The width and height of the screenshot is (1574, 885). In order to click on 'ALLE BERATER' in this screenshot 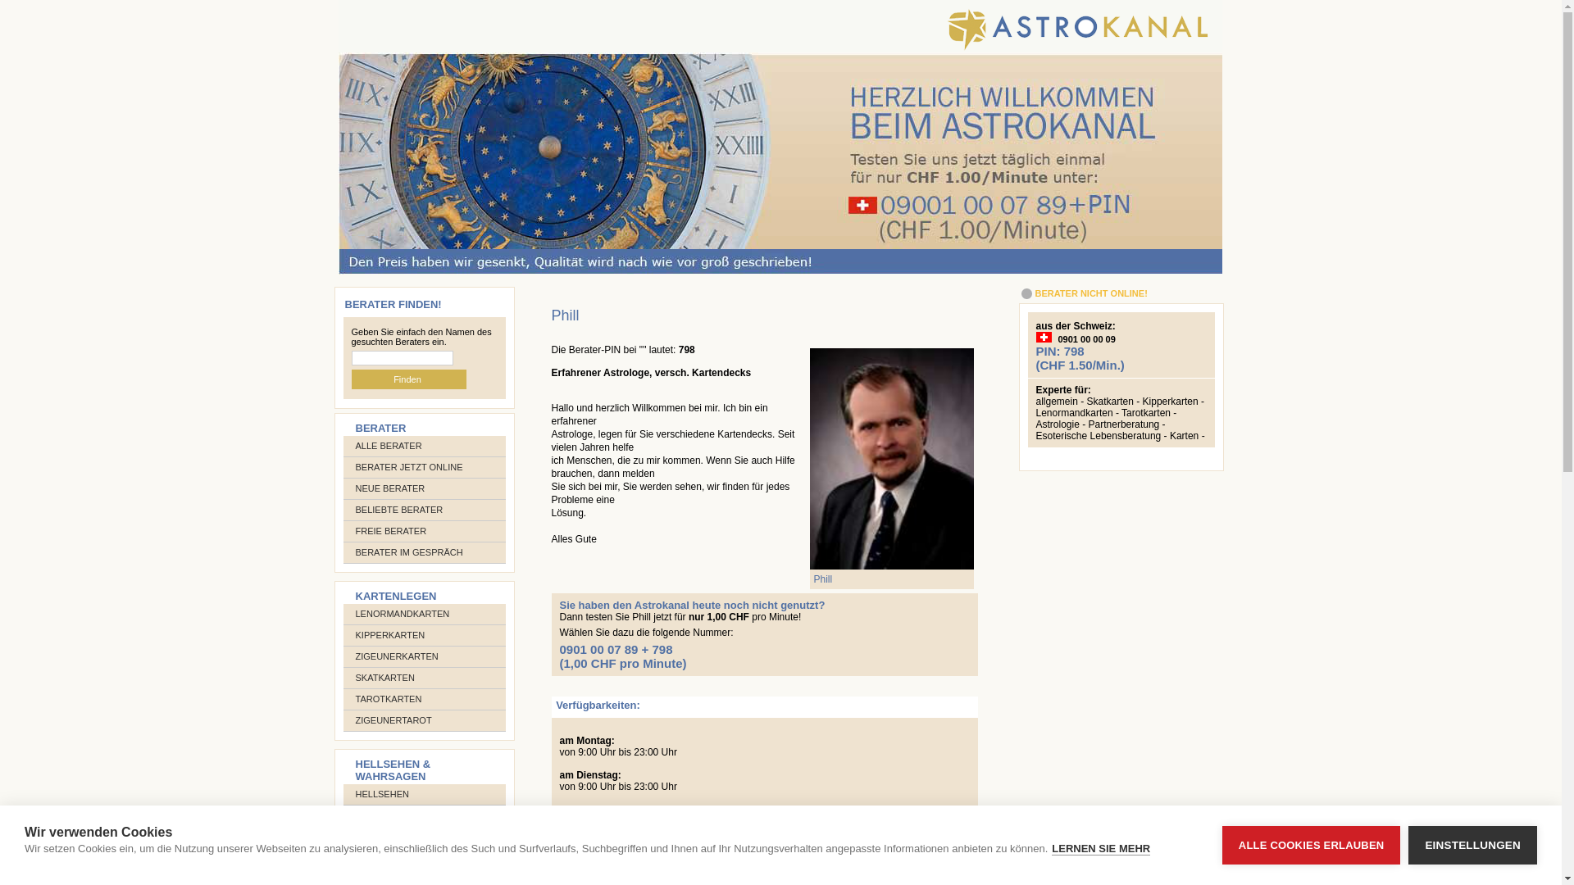, I will do `click(388, 445)`.